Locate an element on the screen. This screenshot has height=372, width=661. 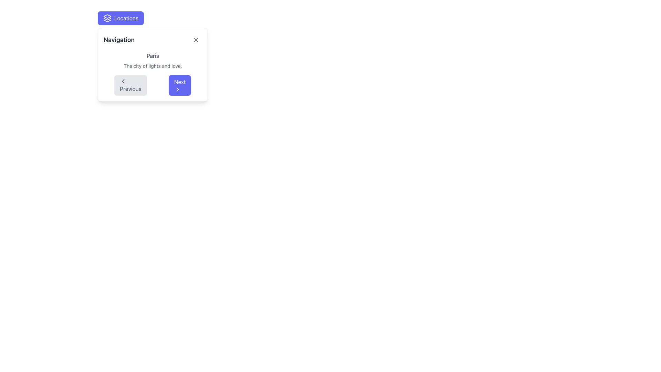
the 'Previous' icon located inside the button labeled 'Previous' is located at coordinates (123, 81).